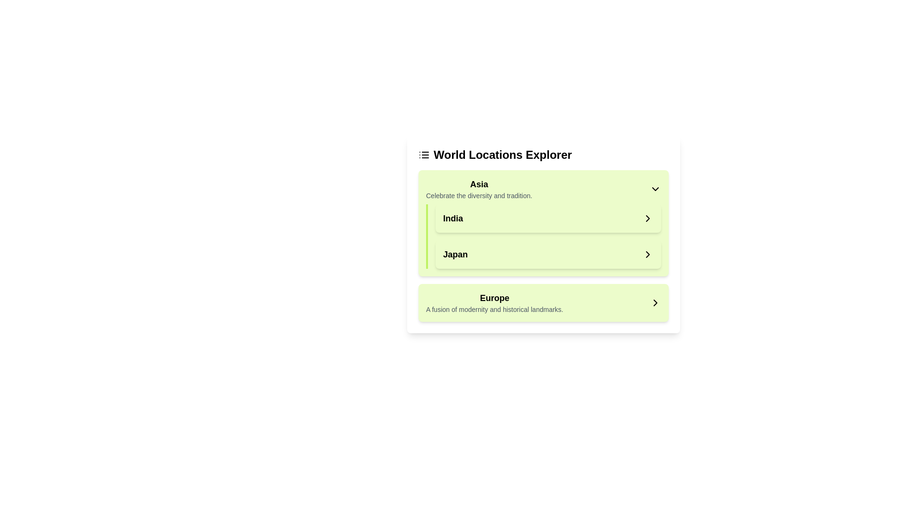  What do you see at coordinates (494, 309) in the screenshot?
I see `the Text label providing descriptive information about the 'Europe' section, which is positioned directly below the 'Europe' header in the panel listing regions` at bounding box center [494, 309].